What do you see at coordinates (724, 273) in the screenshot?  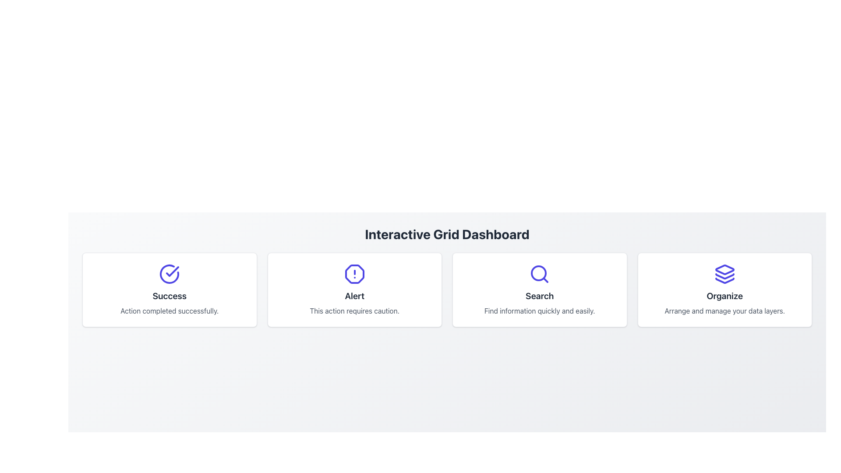 I see `the static icon element representing layers, located at the center-top of the 'Organize' card in the grid layout` at bounding box center [724, 273].